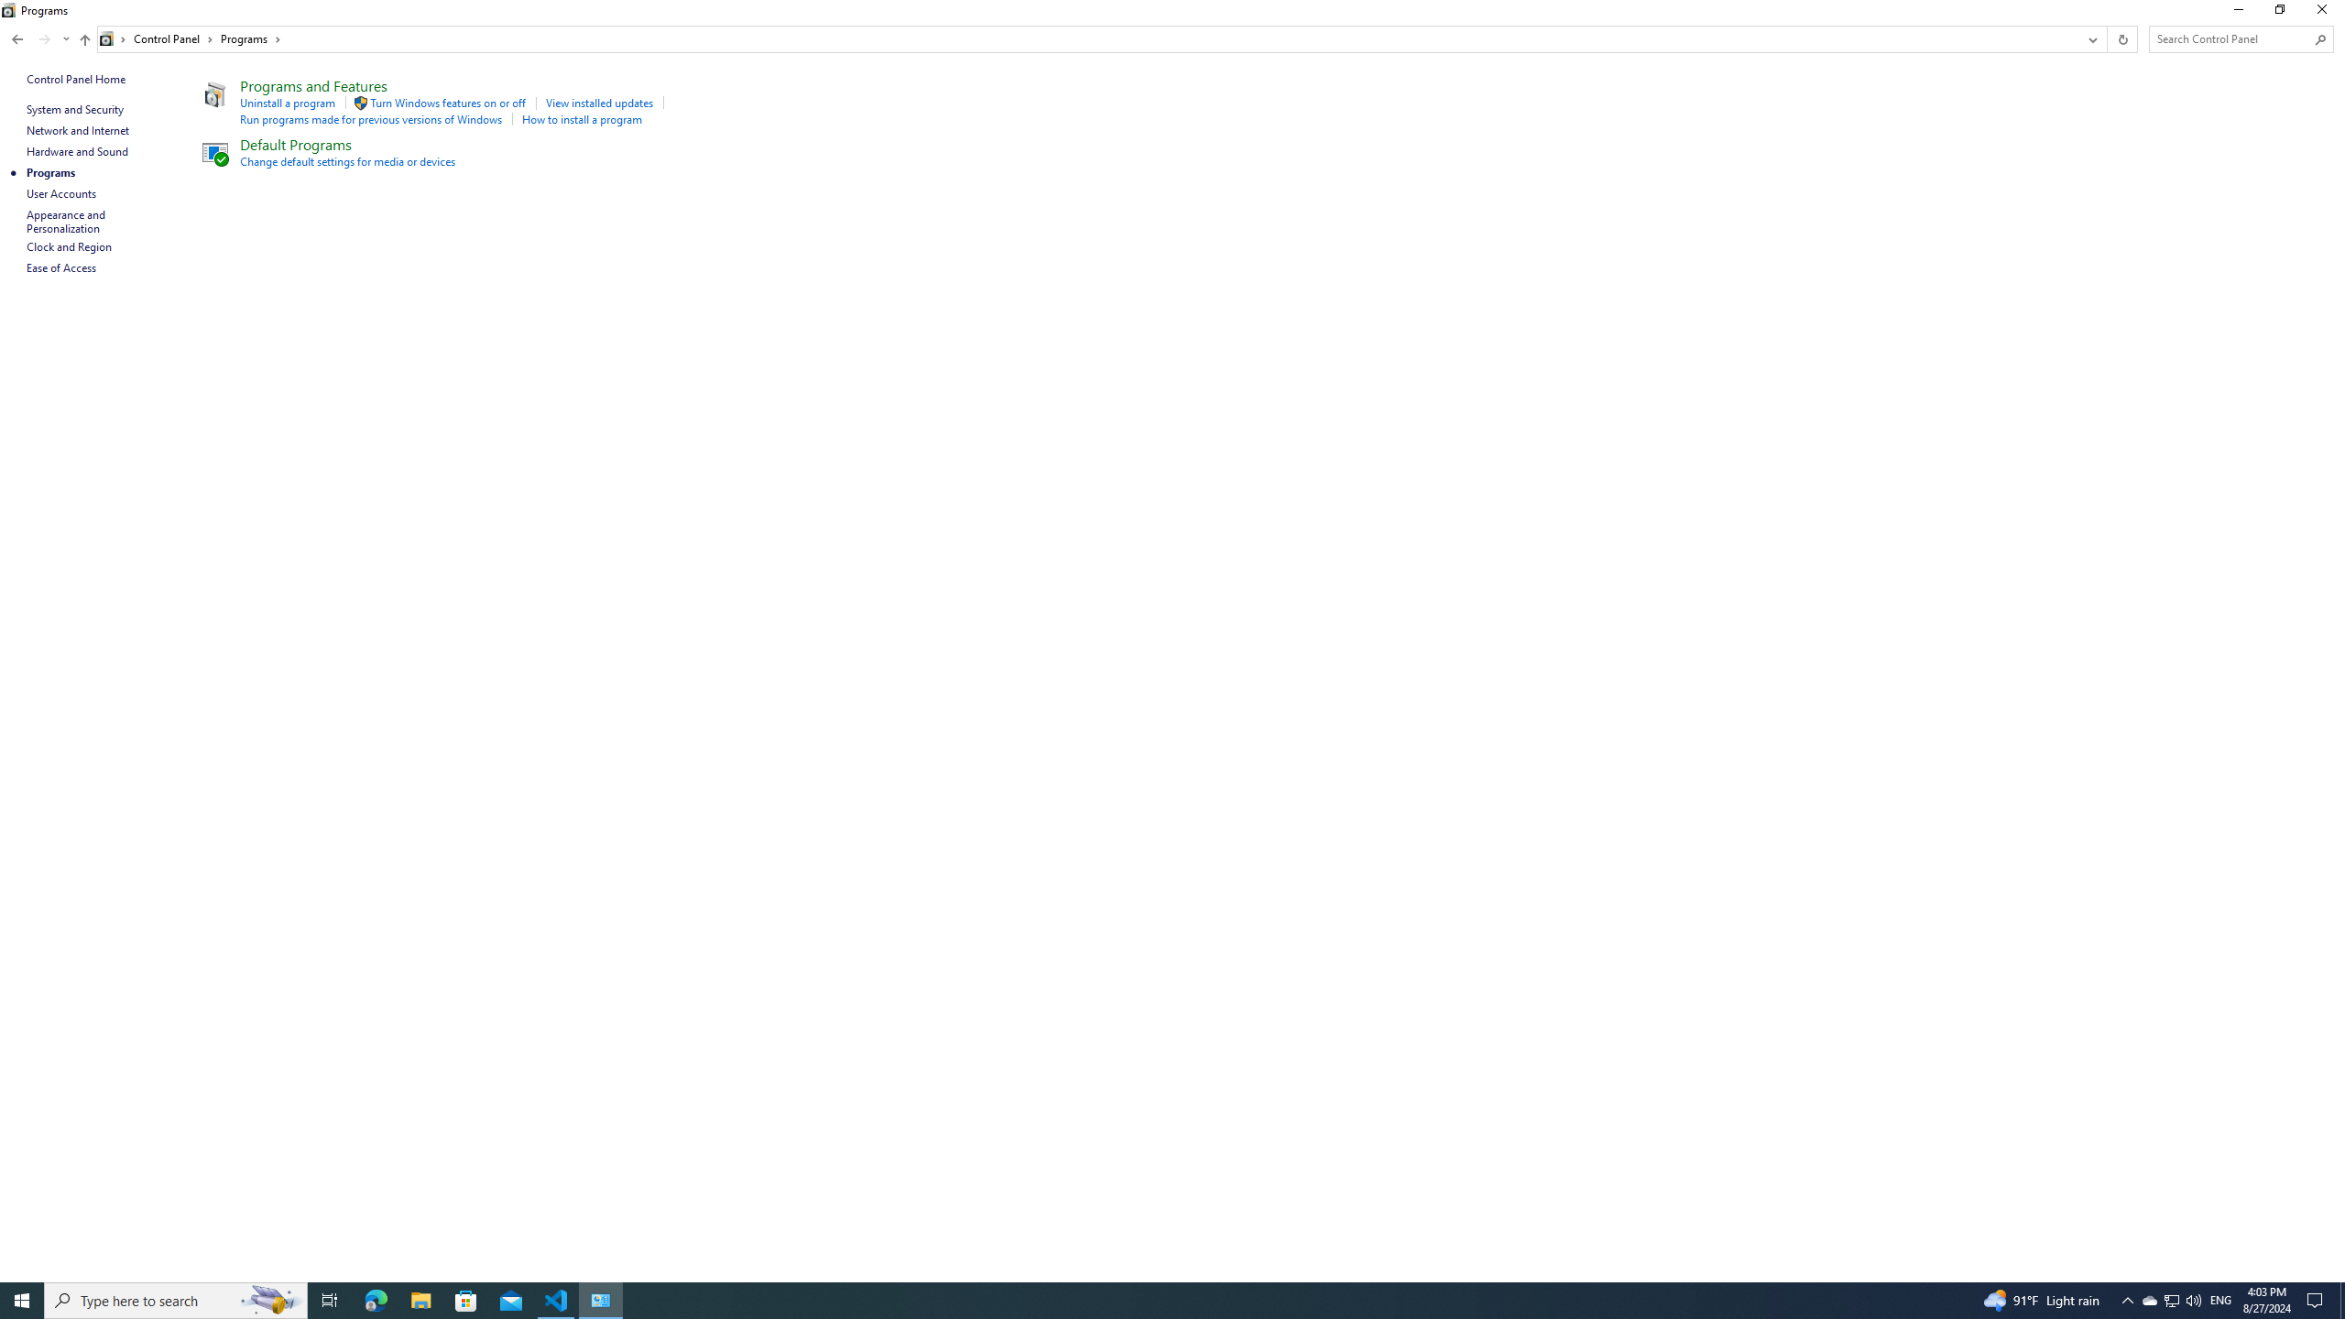 This screenshot has width=2345, height=1319. What do you see at coordinates (347, 161) in the screenshot?
I see `'Change default settings for media or devices'` at bounding box center [347, 161].